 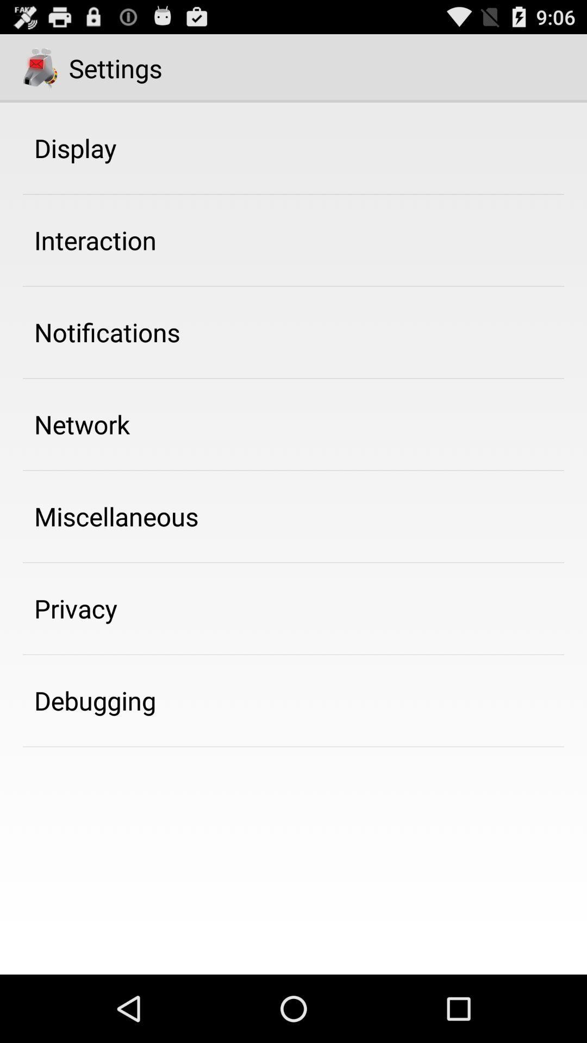 What do you see at coordinates (82, 424) in the screenshot?
I see `network app` at bounding box center [82, 424].